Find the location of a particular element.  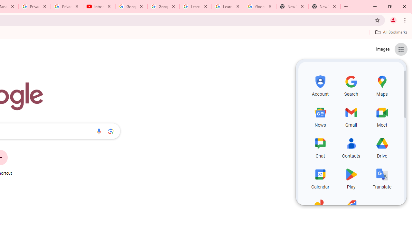

'Drive, row 3 of 5 and column 3 of 3 in the first section' is located at coordinates (382, 147).